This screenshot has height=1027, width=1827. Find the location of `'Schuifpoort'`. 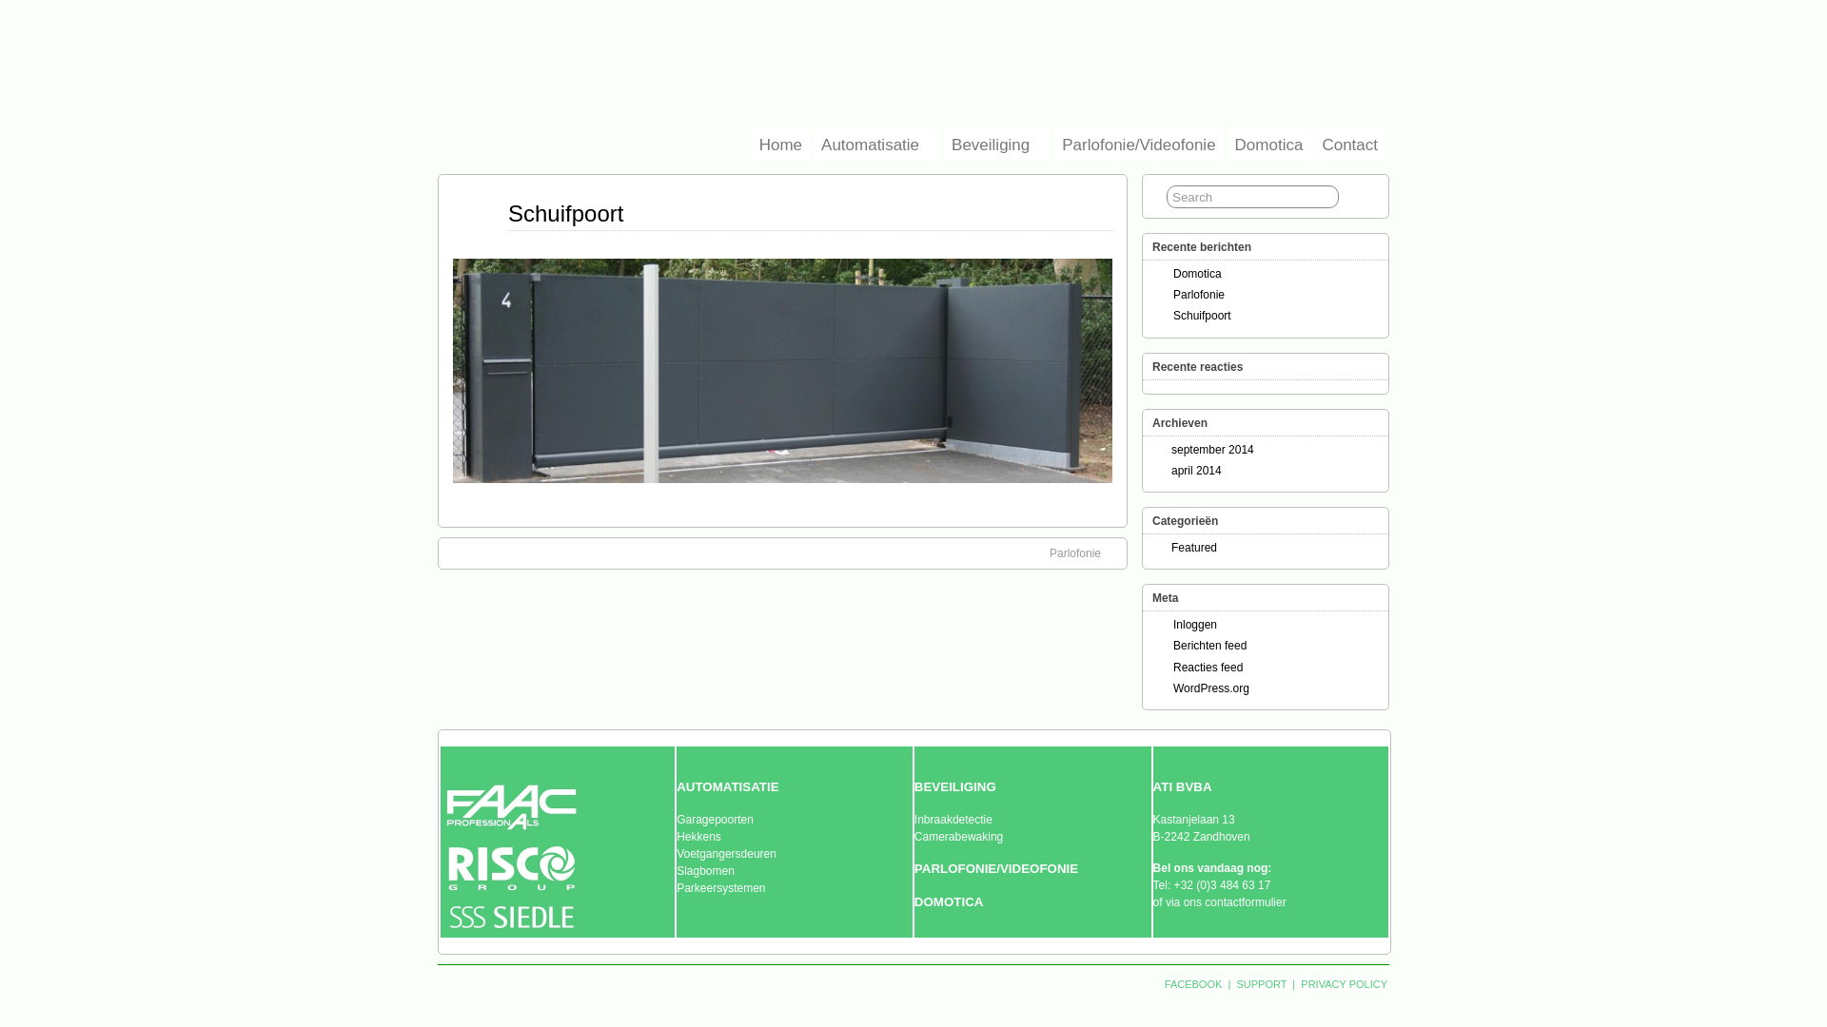

'Schuifpoort' is located at coordinates (1201, 314).